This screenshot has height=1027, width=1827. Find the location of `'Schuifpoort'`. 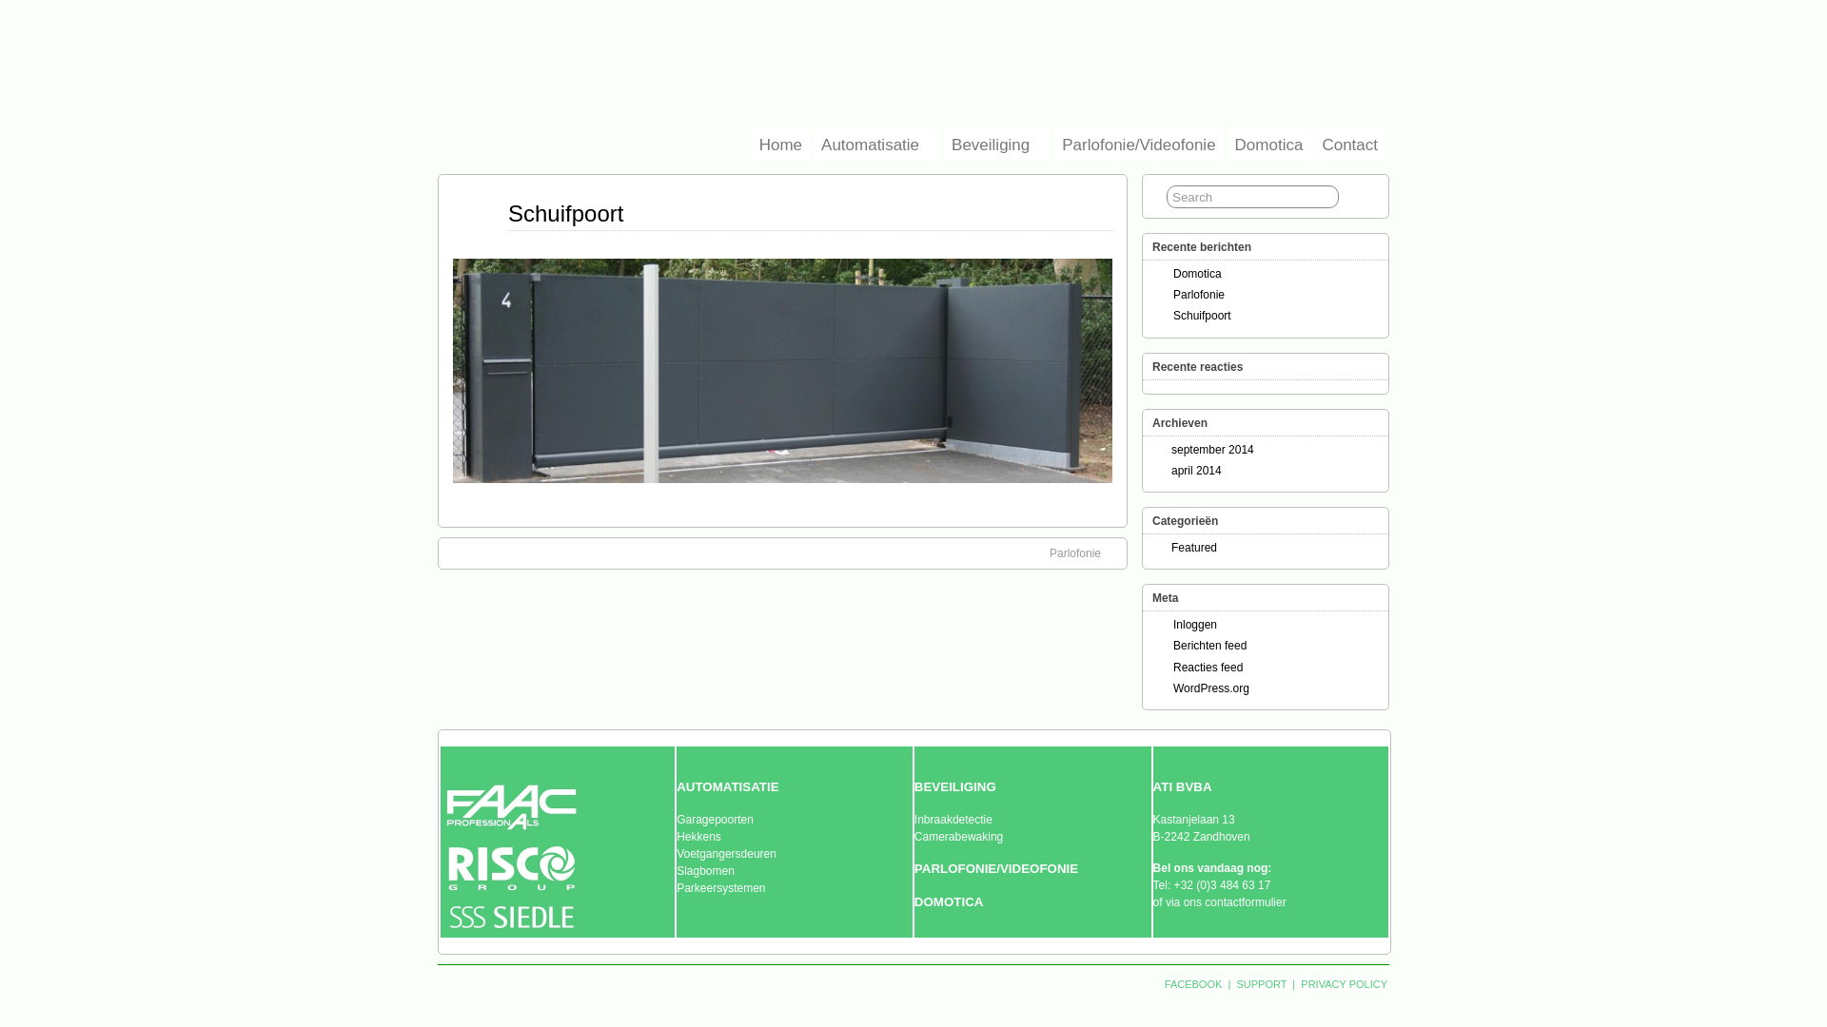

'Schuifpoort' is located at coordinates (1201, 314).